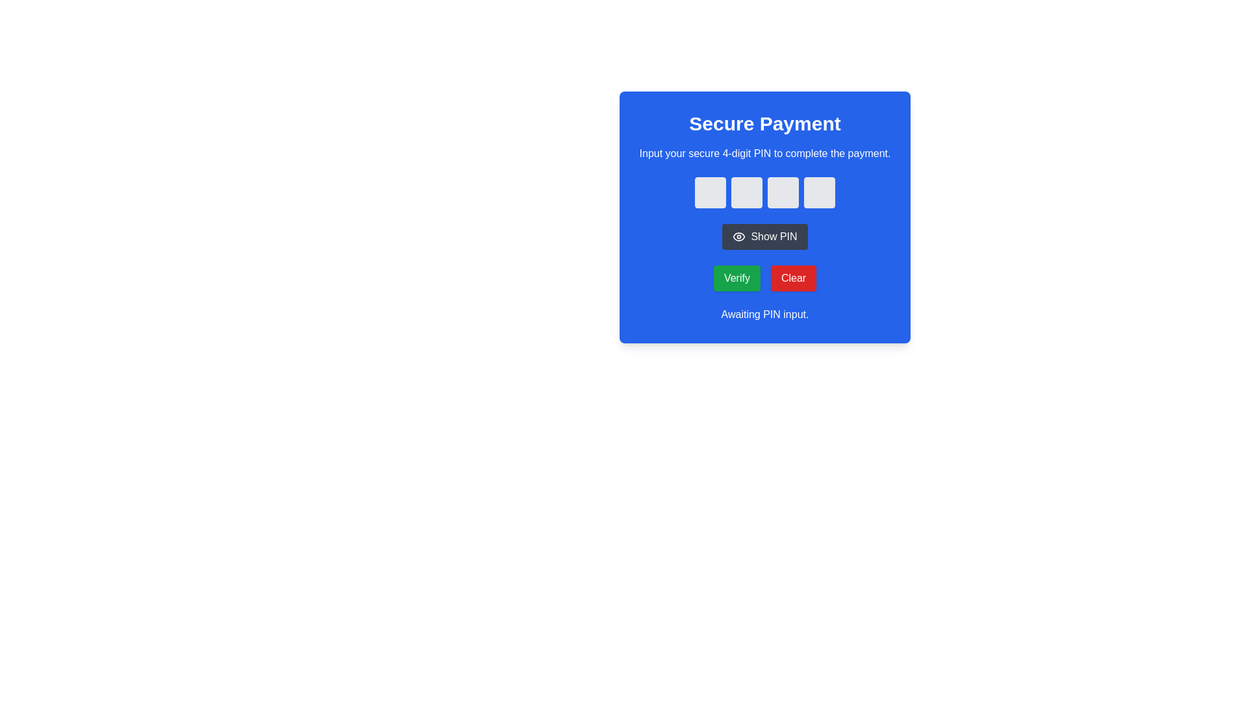 The image size is (1247, 701). I want to click on the 'Show PIN' button with an eye icon, so click(764, 212).